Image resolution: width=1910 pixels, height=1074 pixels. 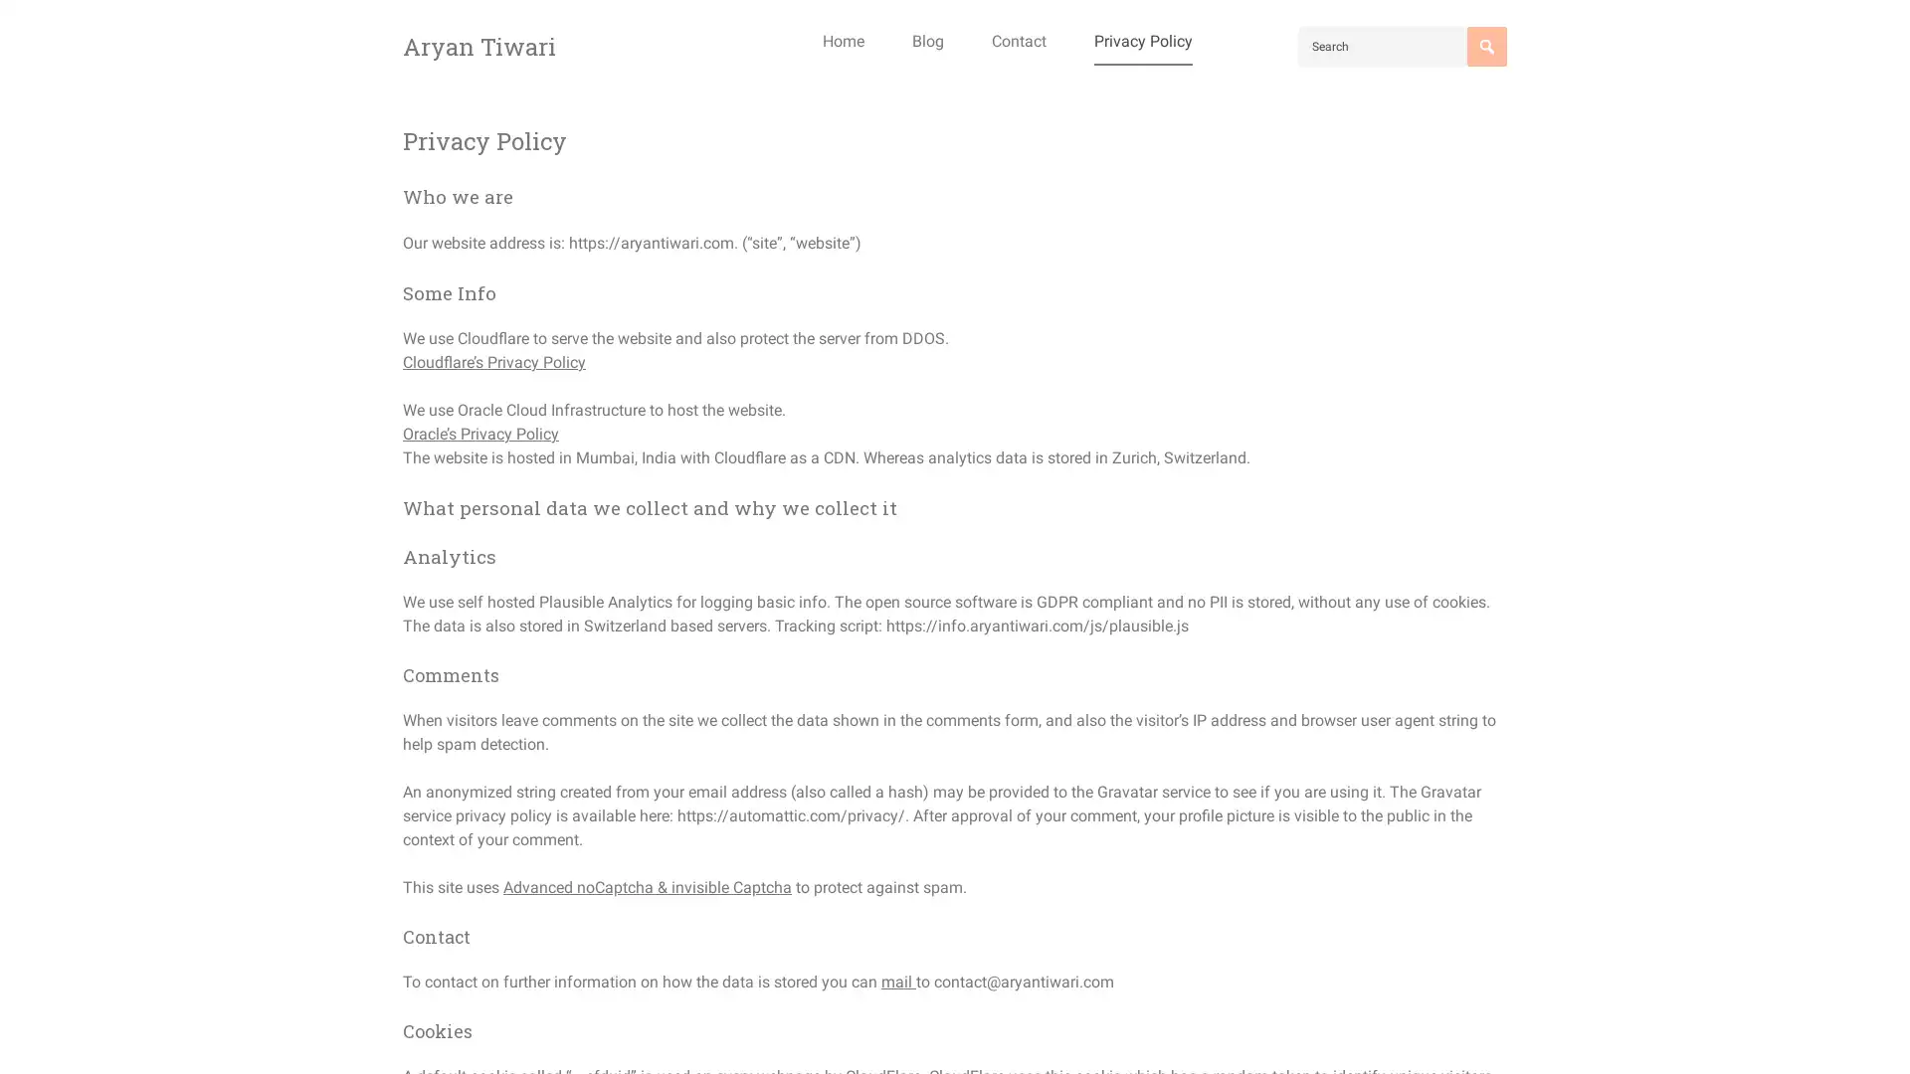 What do you see at coordinates (1486, 45) in the screenshot?
I see `Search` at bounding box center [1486, 45].